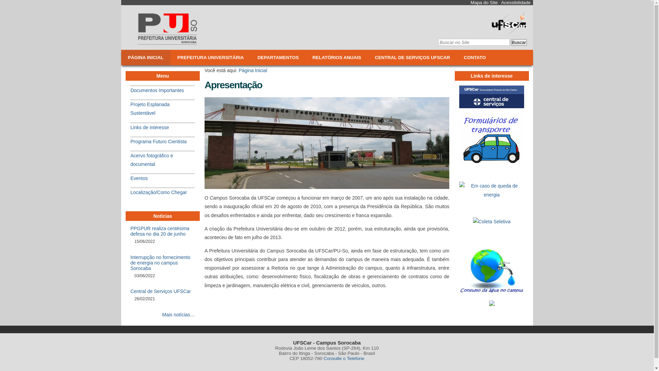 The width and height of the screenshot is (659, 371). Describe the element at coordinates (459, 196) in the screenshot. I see `'Queda de energia'` at that location.